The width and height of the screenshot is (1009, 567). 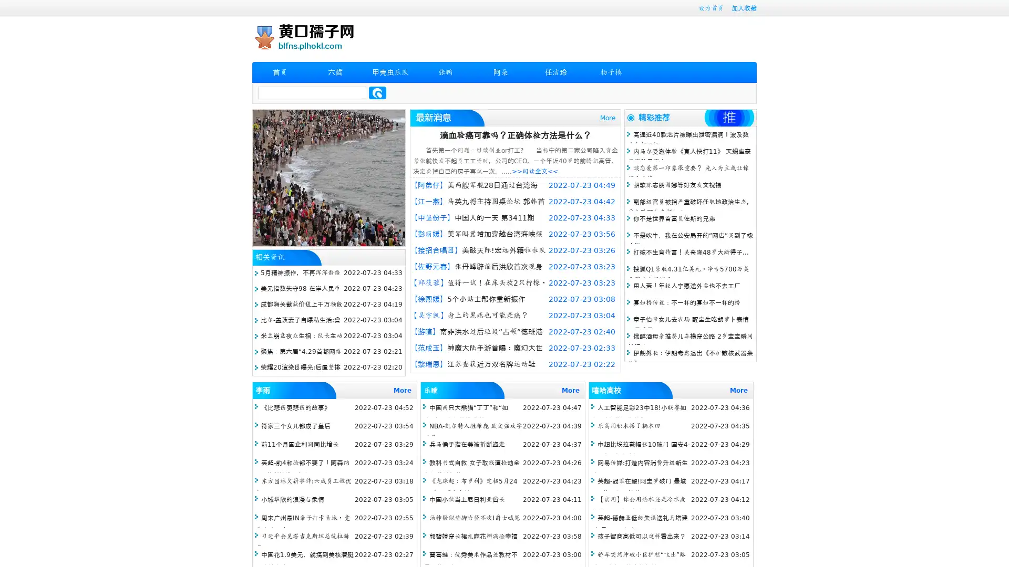 What do you see at coordinates (377, 92) in the screenshot?
I see `Search` at bounding box center [377, 92].